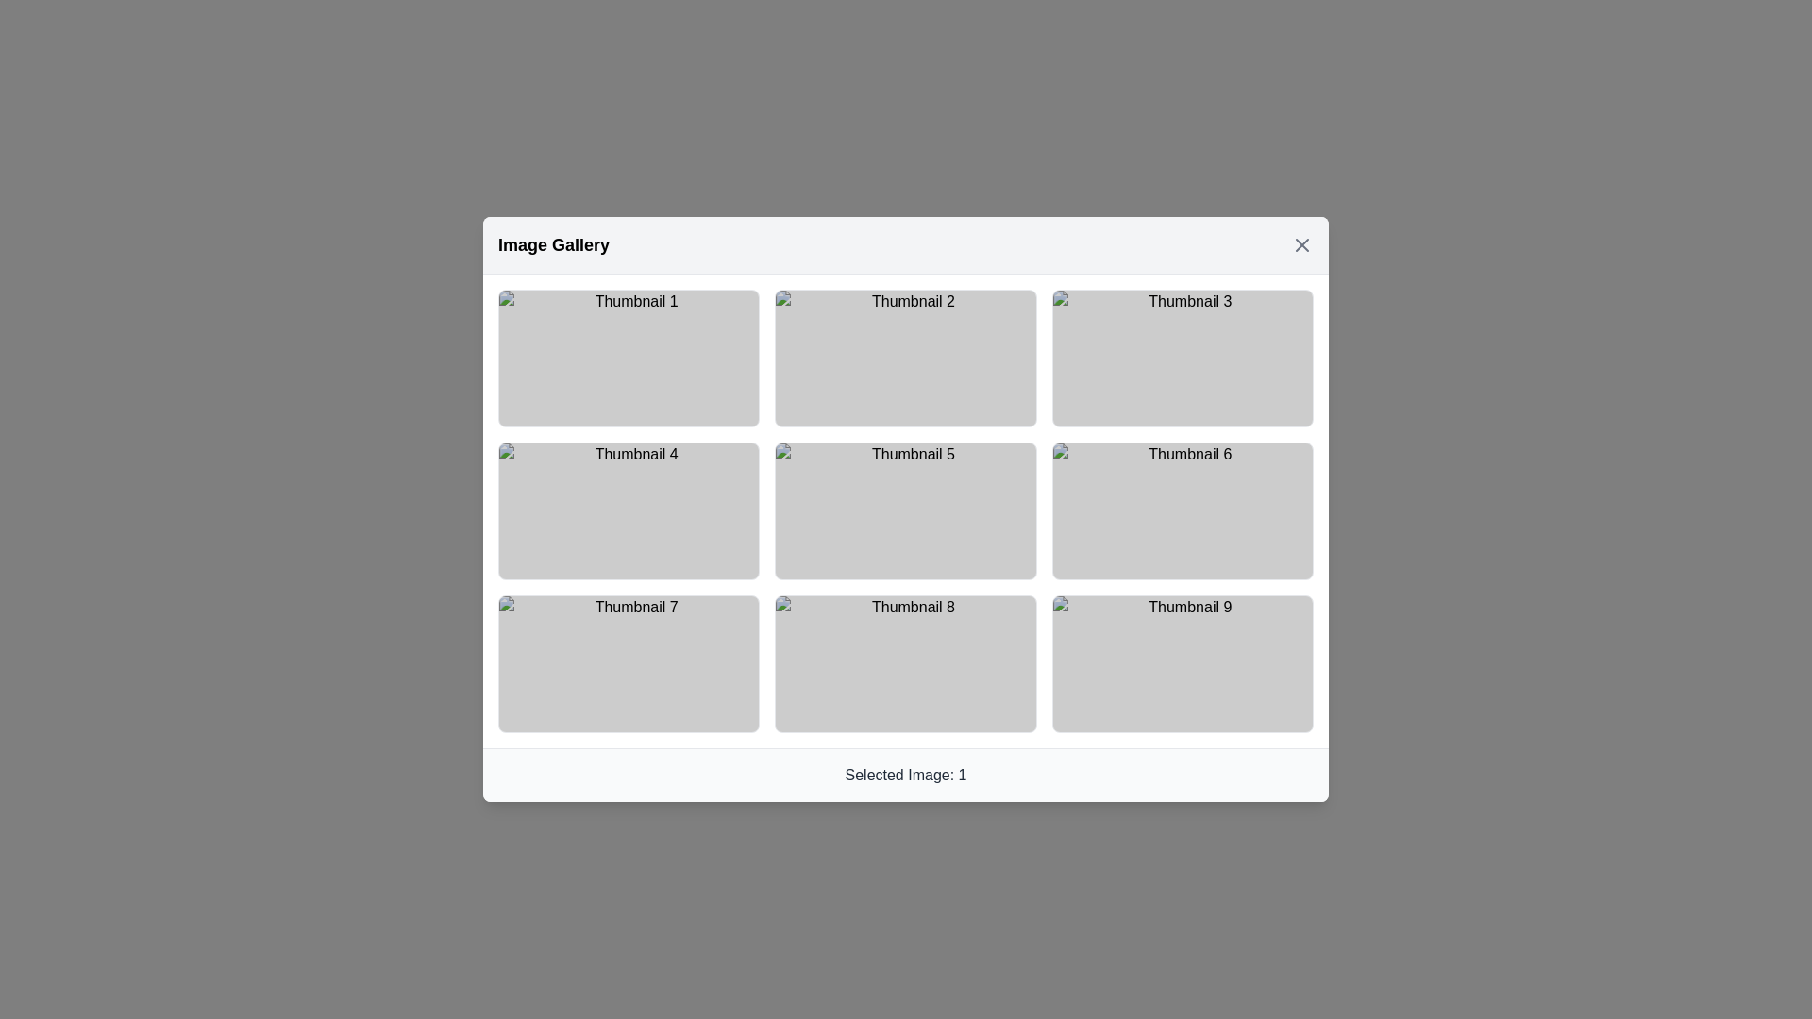  What do you see at coordinates (906, 511) in the screenshot?
I see `the semi-transparent black background overlay located in the center of the fifth thumbnail in a 3x3 grid` at bounding box center [906, 511].